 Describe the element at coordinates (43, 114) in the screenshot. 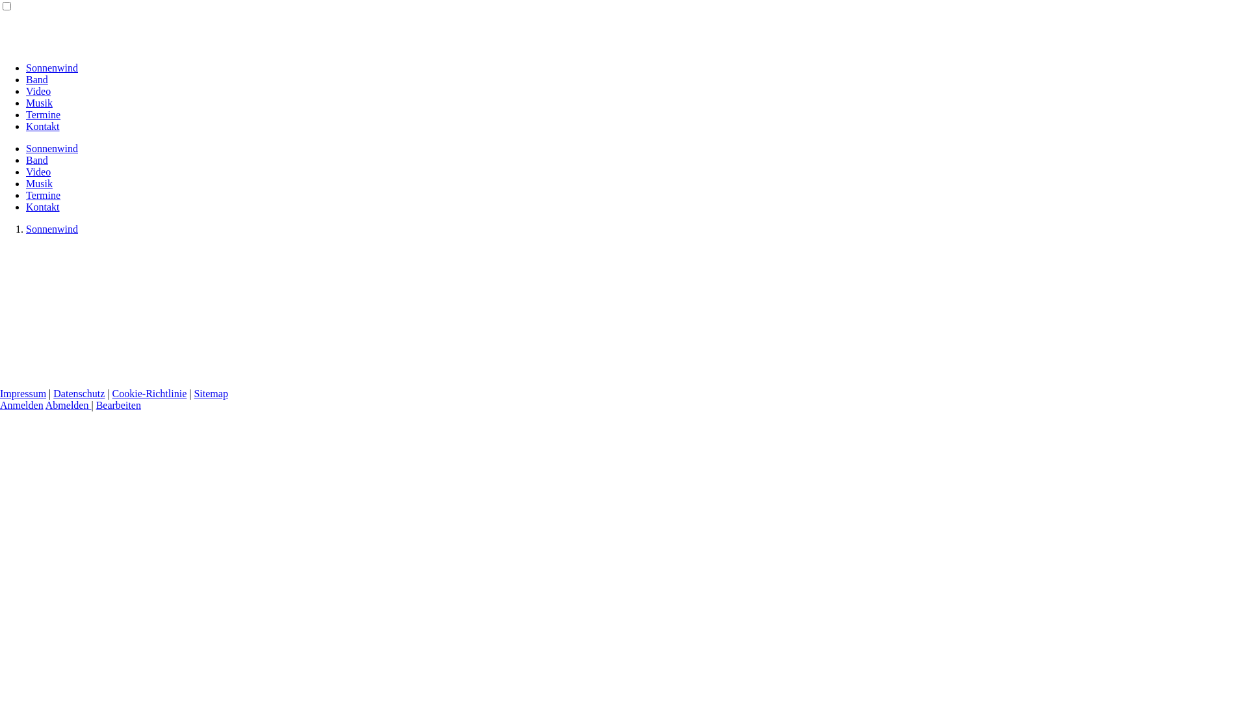

I see `'Termine'` at that location.